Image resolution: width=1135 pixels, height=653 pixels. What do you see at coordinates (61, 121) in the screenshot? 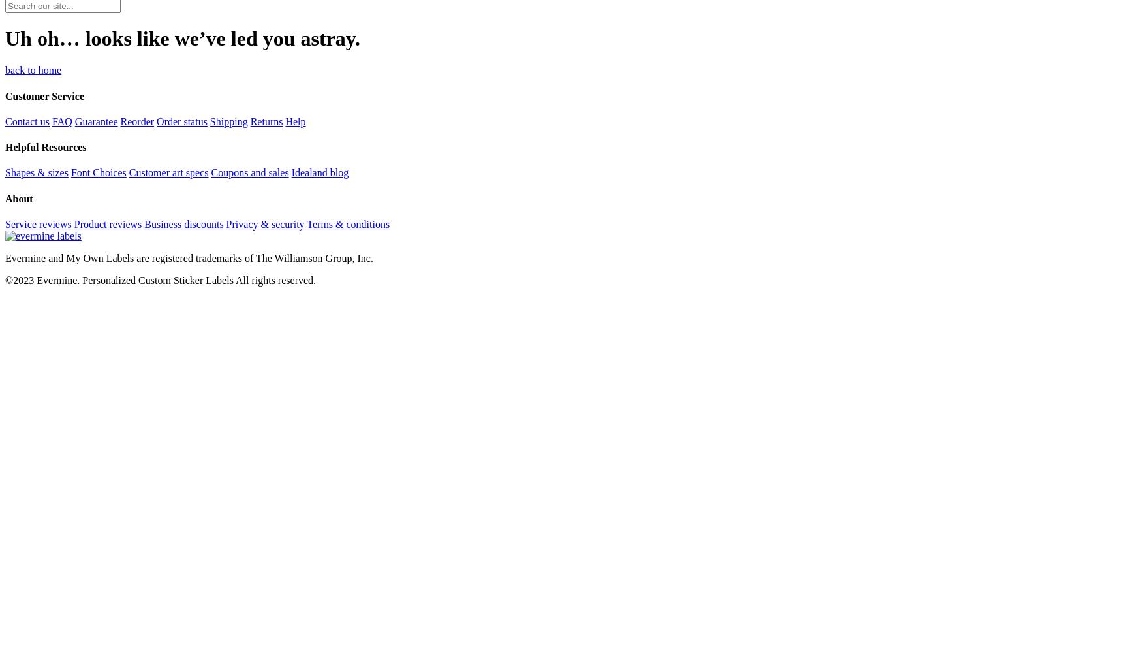
I see `'FAQ'` at bounding box center [61, 121].